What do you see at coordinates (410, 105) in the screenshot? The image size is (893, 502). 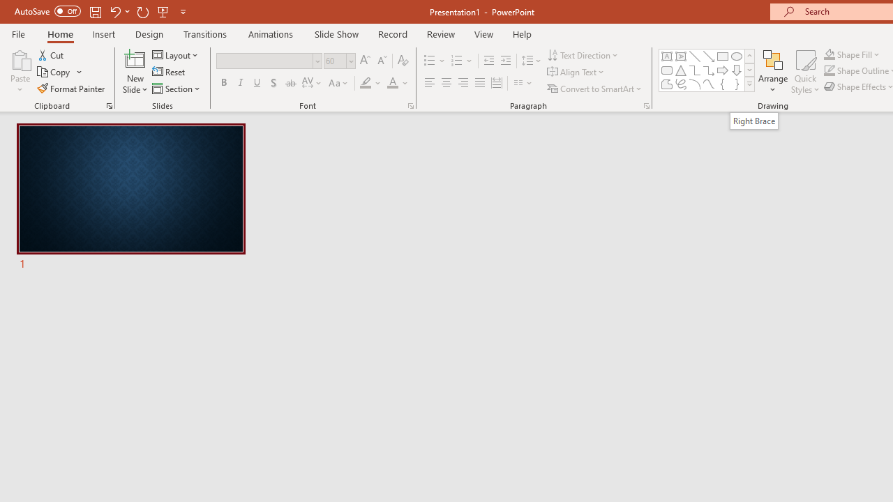 I see `'Font...'` at bounding box center [410, 105].